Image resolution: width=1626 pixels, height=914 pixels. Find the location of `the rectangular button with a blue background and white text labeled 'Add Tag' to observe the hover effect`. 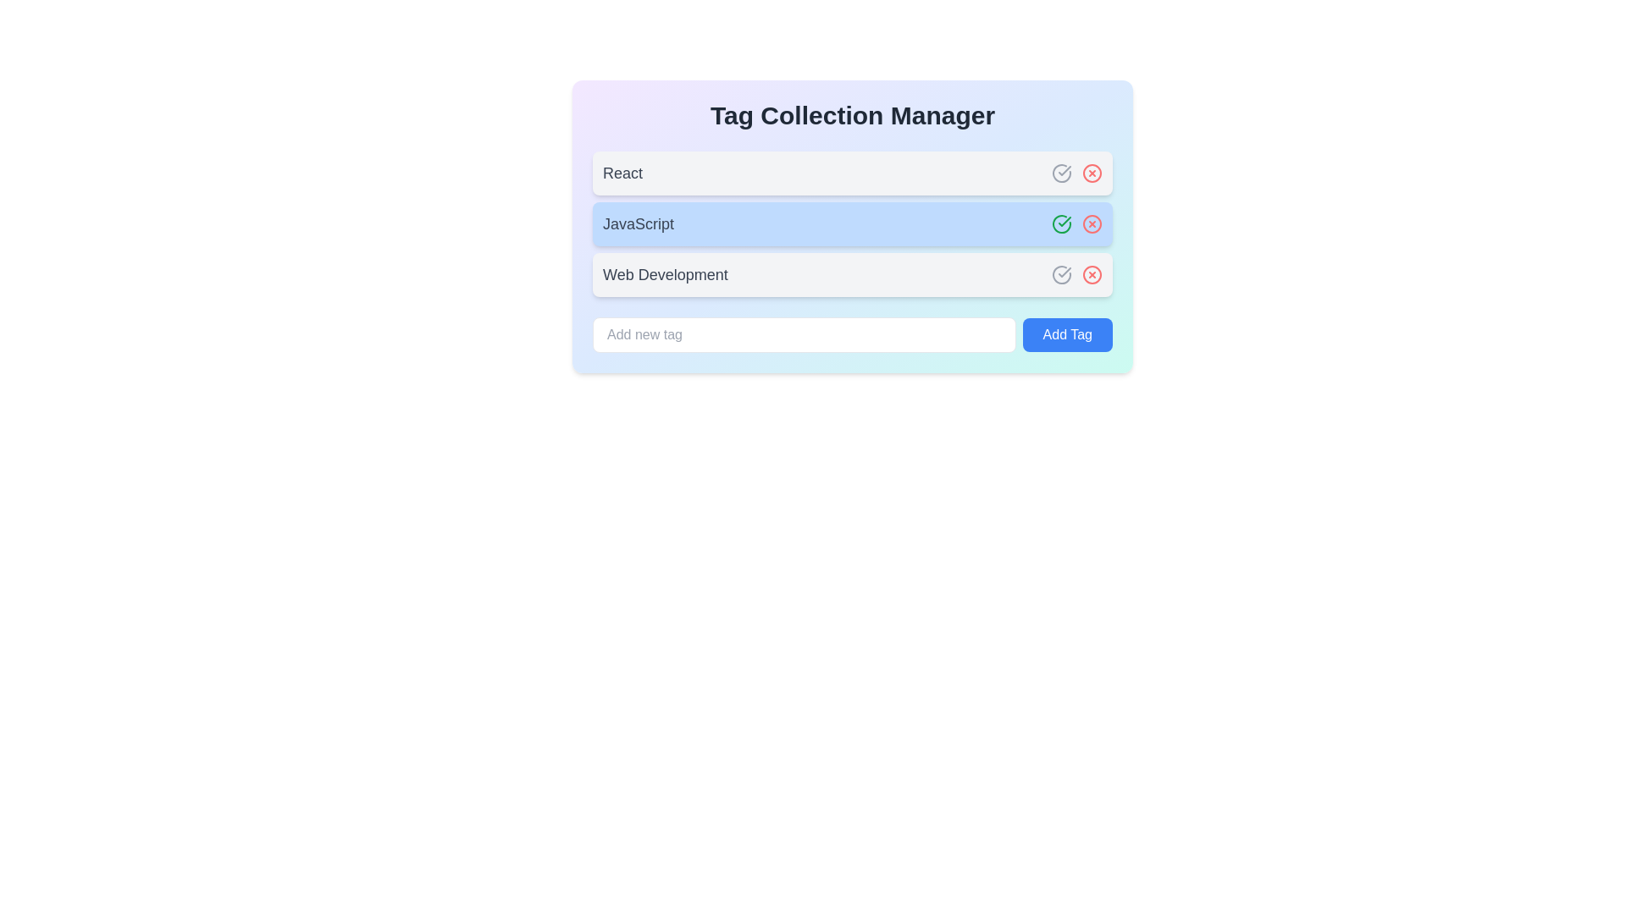

the rectangular button with a blue background and white text labeled 'Add Tag' to observe the hover effect is located at coordinates (1066, 335).